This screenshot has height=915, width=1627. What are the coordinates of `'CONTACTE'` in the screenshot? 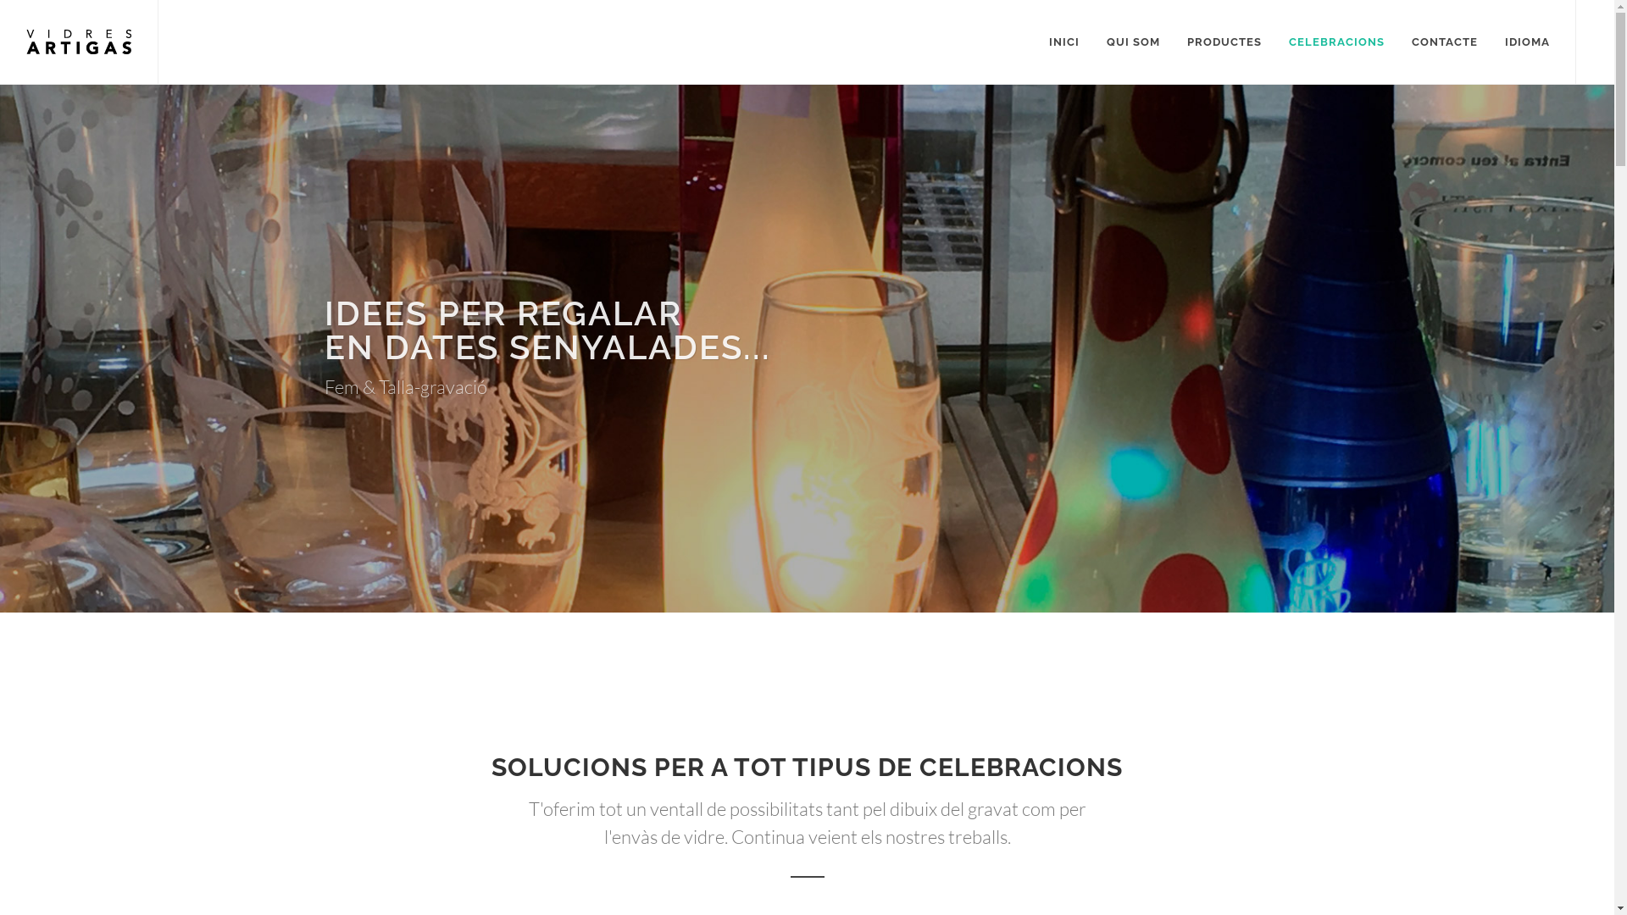 It's located at (1443, 42).